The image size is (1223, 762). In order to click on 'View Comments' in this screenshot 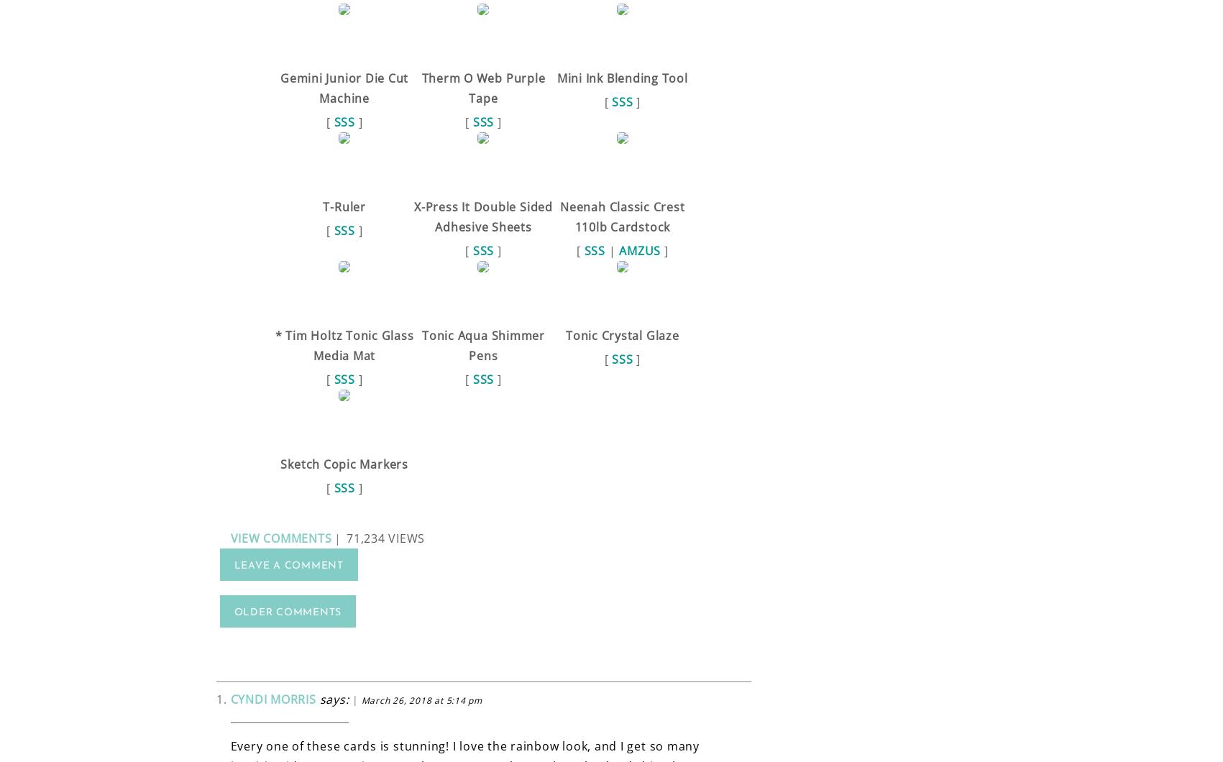, I will do `click(229, 537)`.